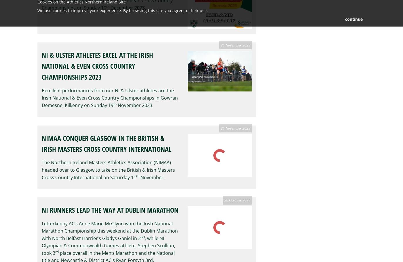  Describe the element at coordinates (42, 97) in the screenshot. I see `'Excellent performances from our NI & Ulster athletes are the Irish National & Even Cross Country Championships in Gowran Demesne, Kilkenny on Sunday 19'` at that location.